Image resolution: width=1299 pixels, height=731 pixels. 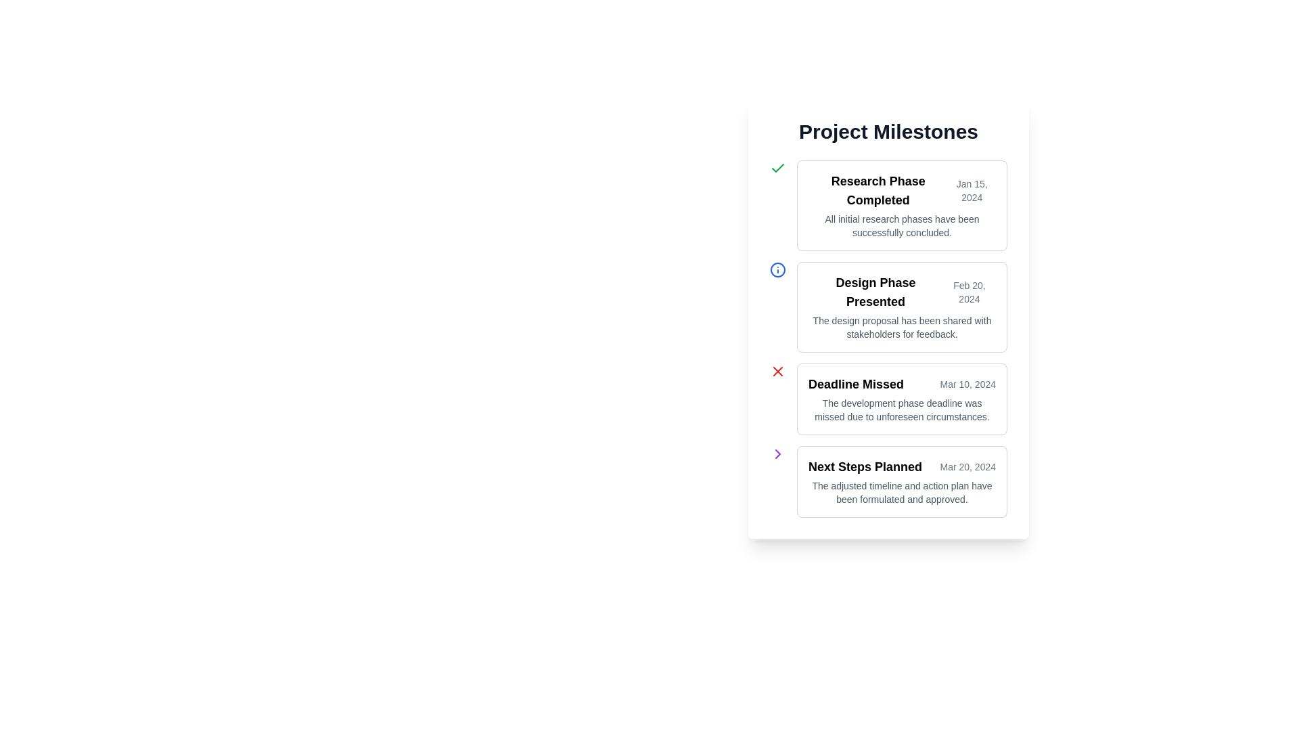 I want to click on the first milestone informational card that summarizes a completed project milestone, which includes its title, completion date, and status description, located in the top section of the list, adjacent to a green checkmark icon, so click(x=902, y=206).